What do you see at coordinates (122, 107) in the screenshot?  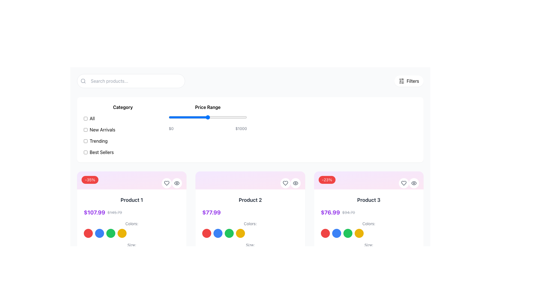 I see `the text label that serves as a heading for the category options, positioned at the top left of the group of related elements` at bounding box center [122, 107].